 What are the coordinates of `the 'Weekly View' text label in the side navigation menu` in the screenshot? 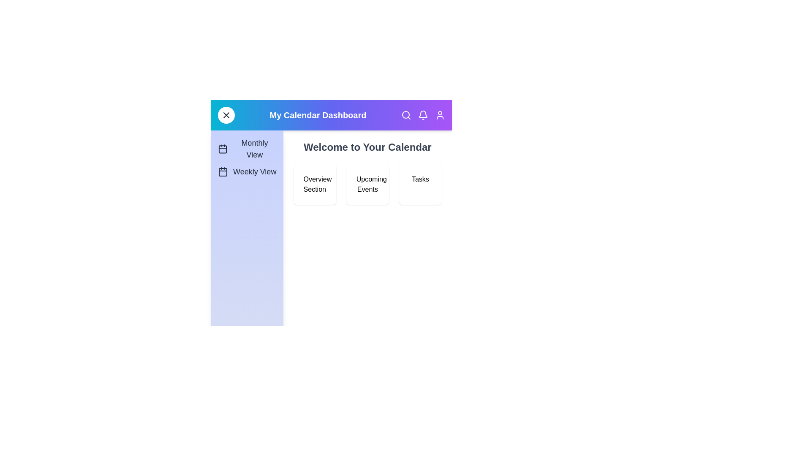 It's located at (254, 171).